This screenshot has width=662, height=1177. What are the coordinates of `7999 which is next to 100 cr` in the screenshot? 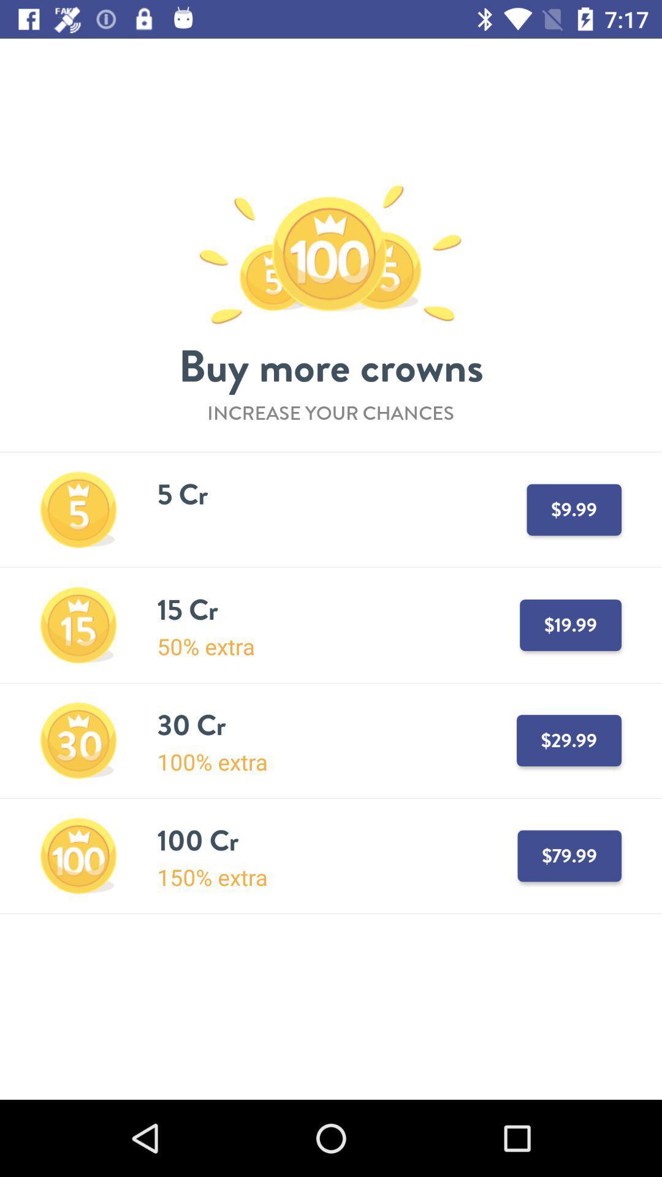 It's located at (569, 855).